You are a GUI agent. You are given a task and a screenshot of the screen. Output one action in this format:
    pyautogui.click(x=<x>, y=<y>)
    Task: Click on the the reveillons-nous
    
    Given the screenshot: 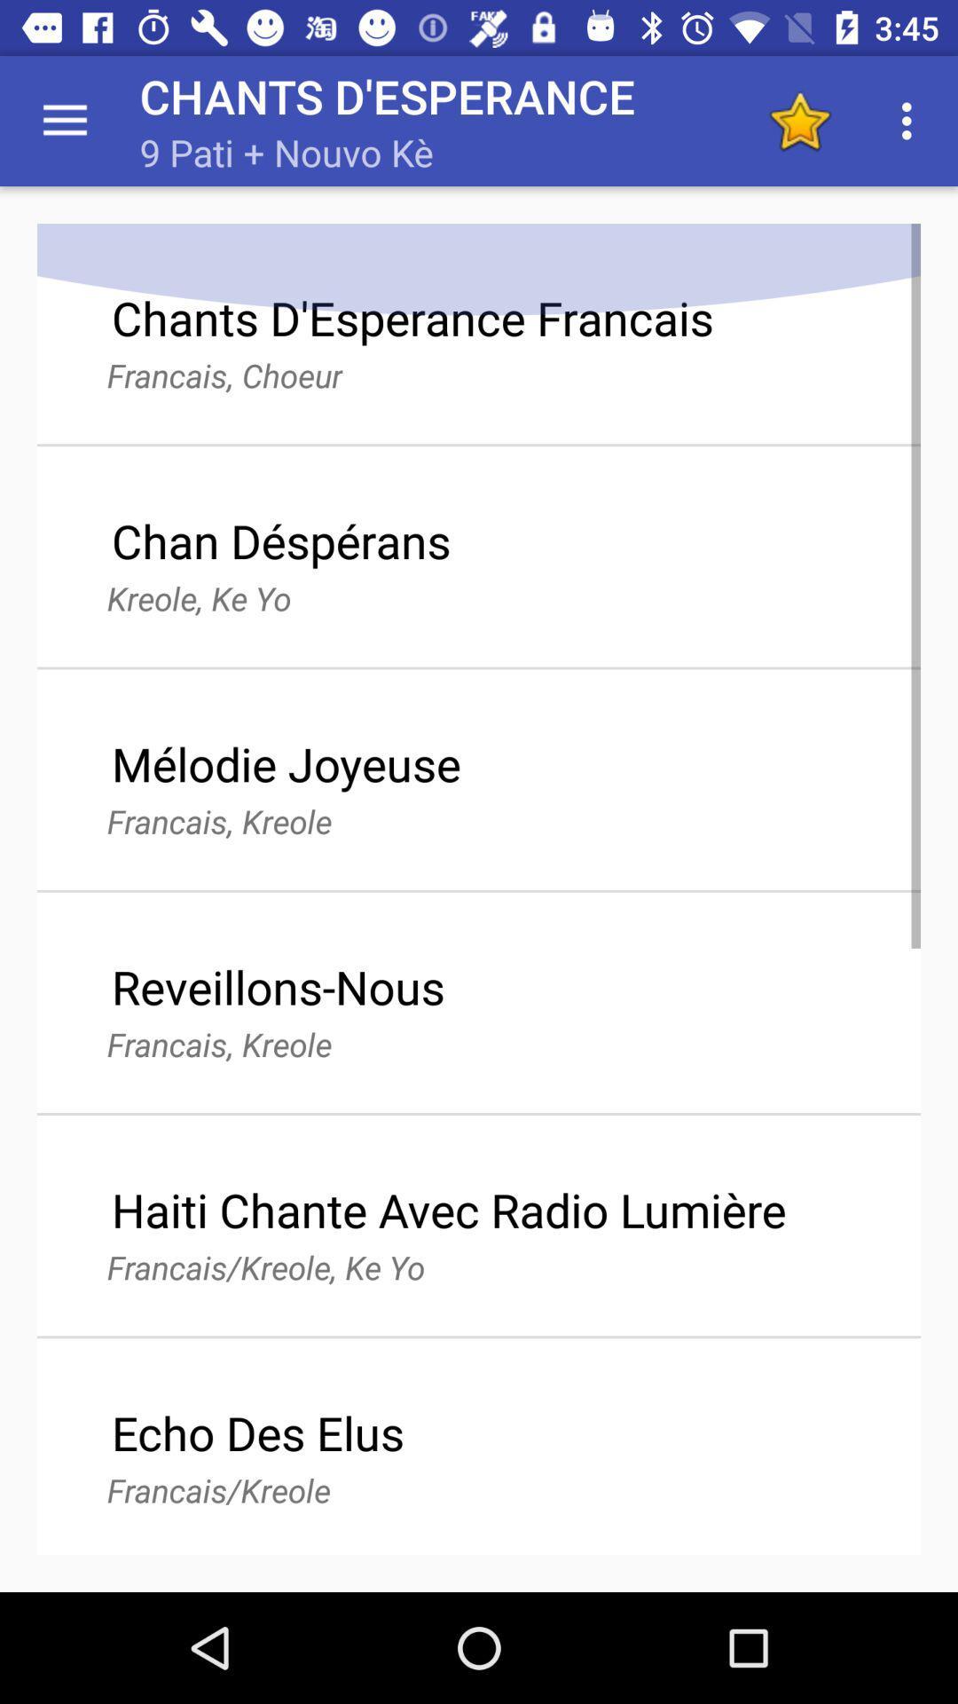 What is the action you would take?
    pyautogui.click(x=278, y=985)
    